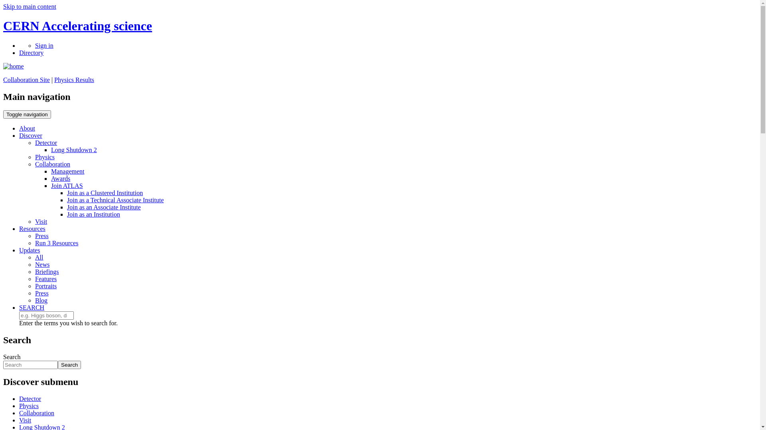 The image size is (766, 430). Describe the element at coordinates (41, 264) in the screenshot. I see `'News'` at that location.